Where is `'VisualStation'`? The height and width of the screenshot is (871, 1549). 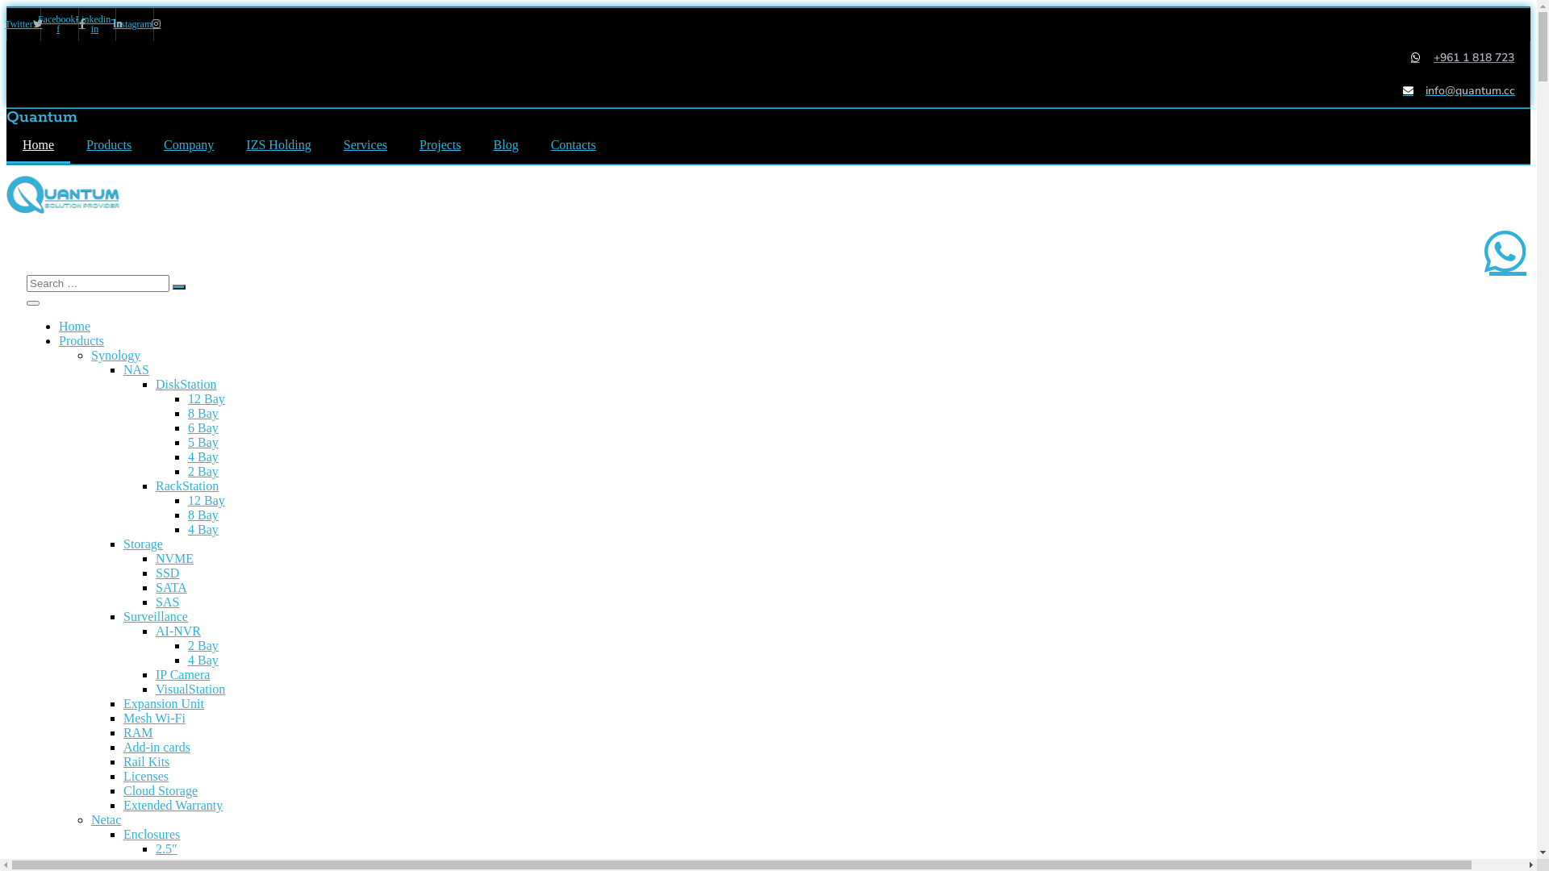
'VisualStation' is located at coordinates (190, 689).